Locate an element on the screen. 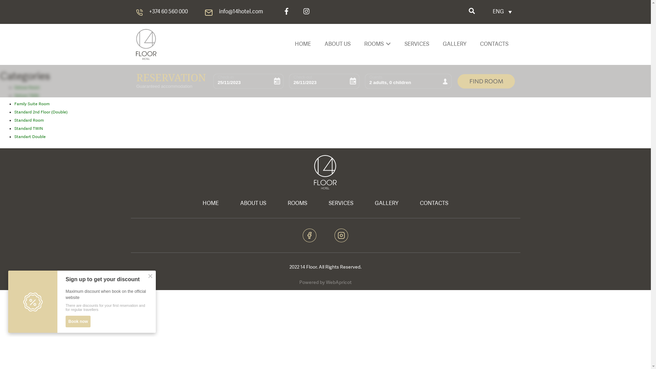 The image size is (656, 369). 'Standard Room' is located at coordinates (14, 120).